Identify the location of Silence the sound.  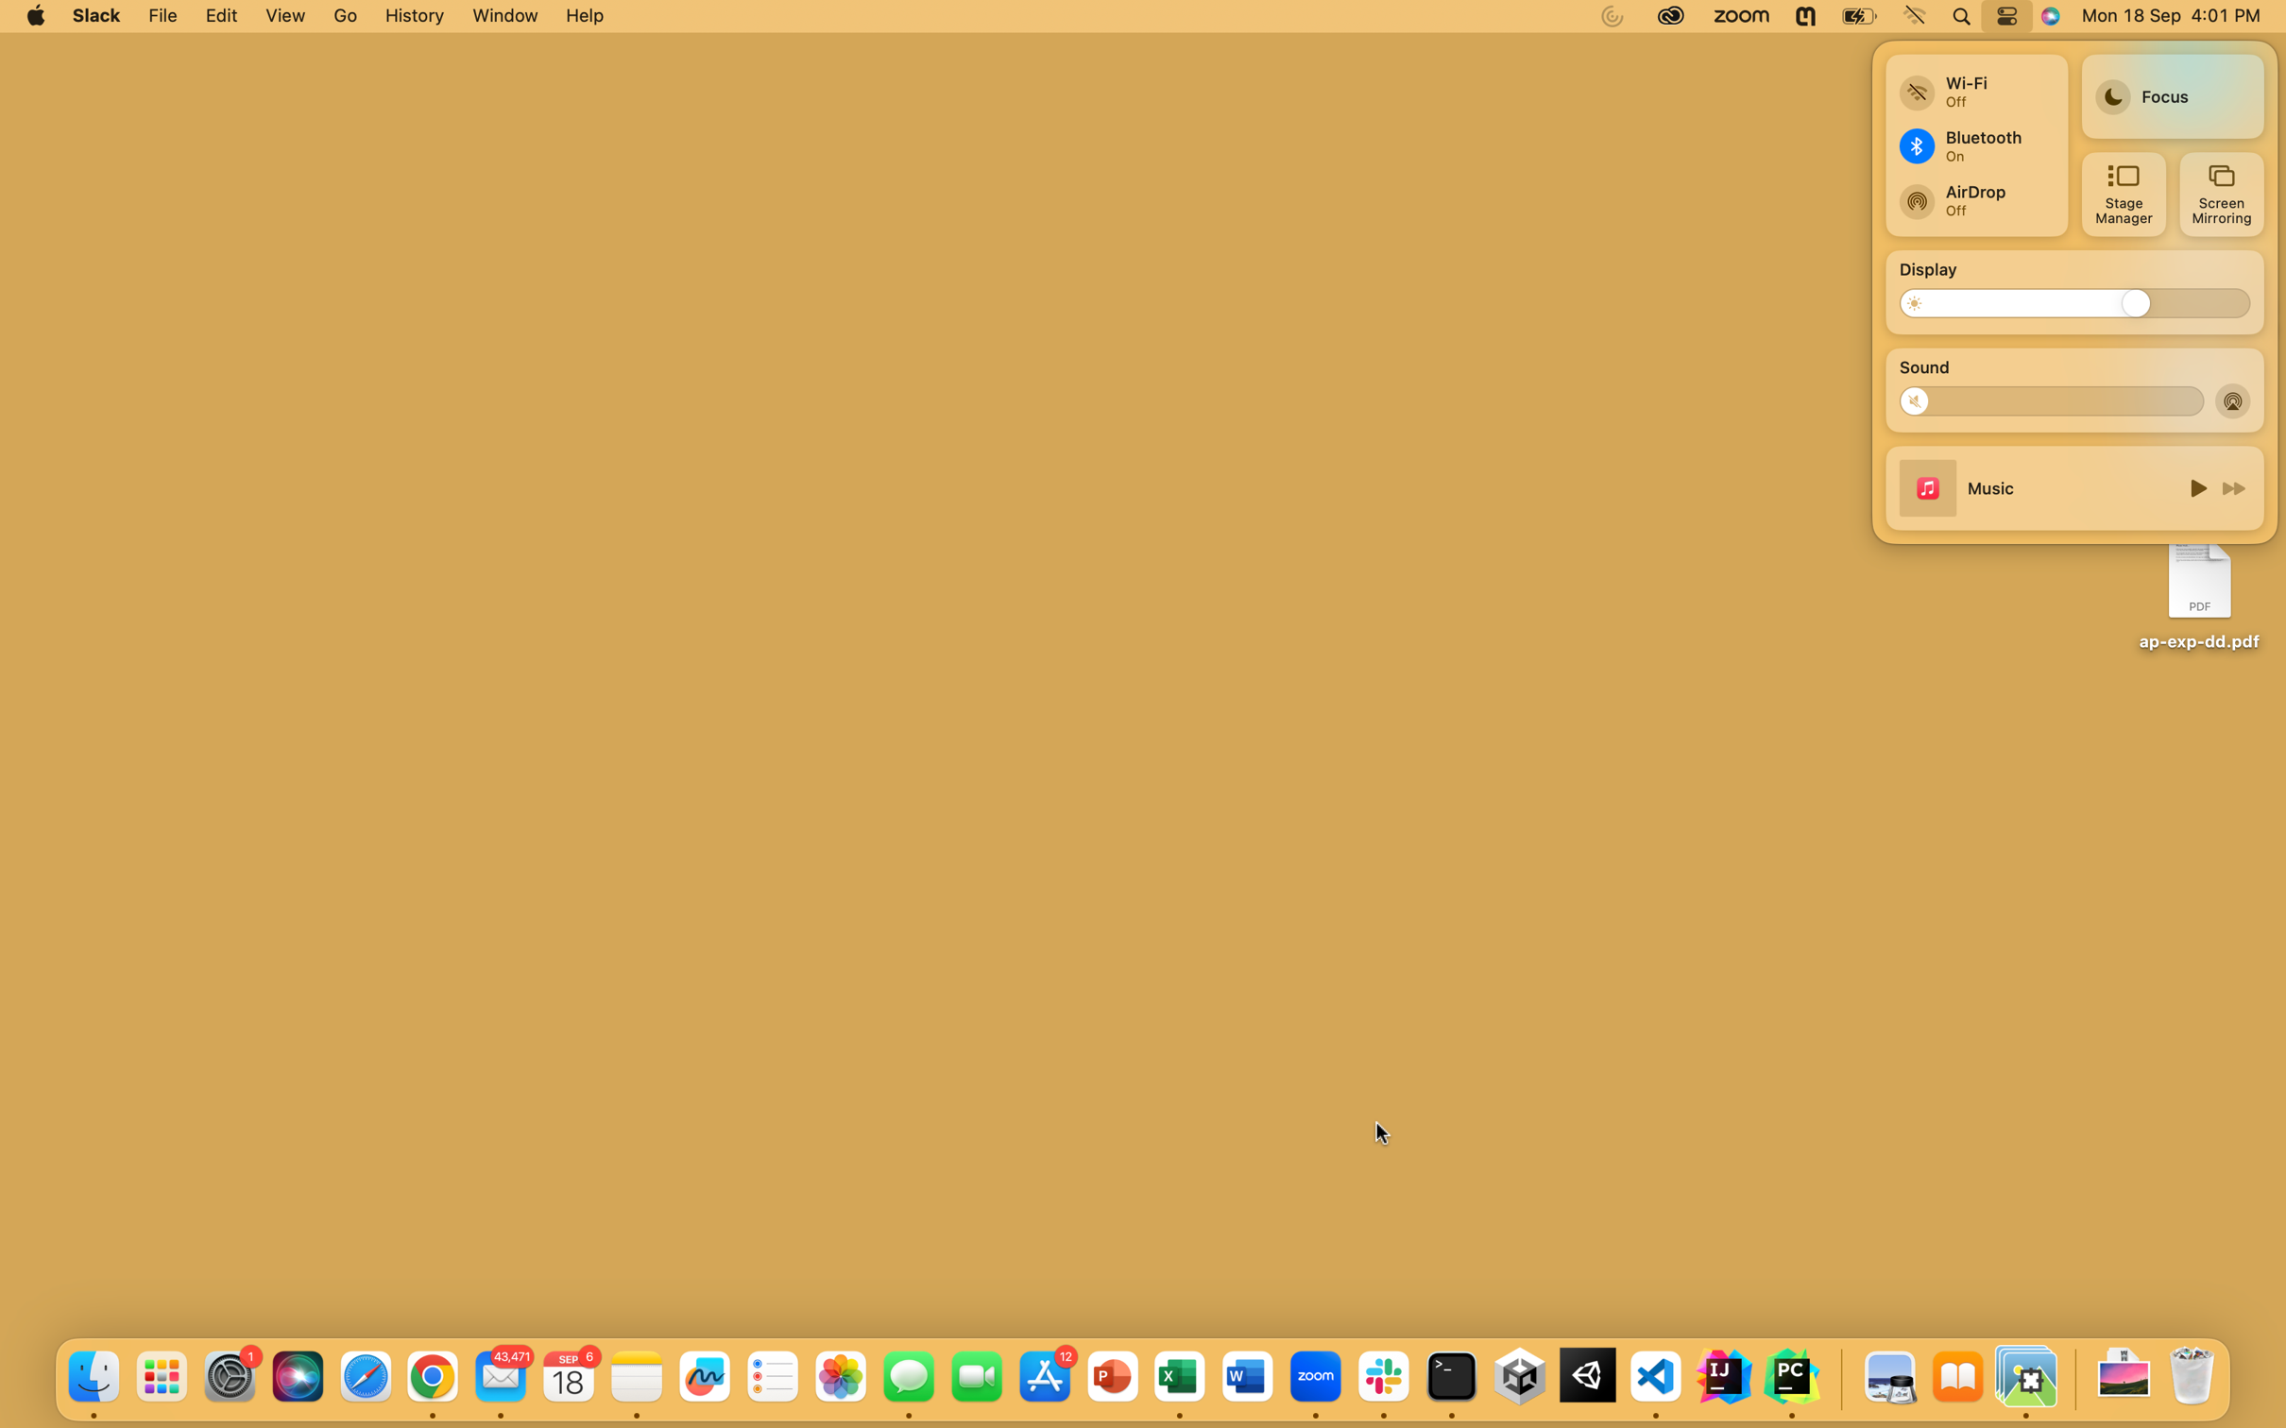
(1922, 399).